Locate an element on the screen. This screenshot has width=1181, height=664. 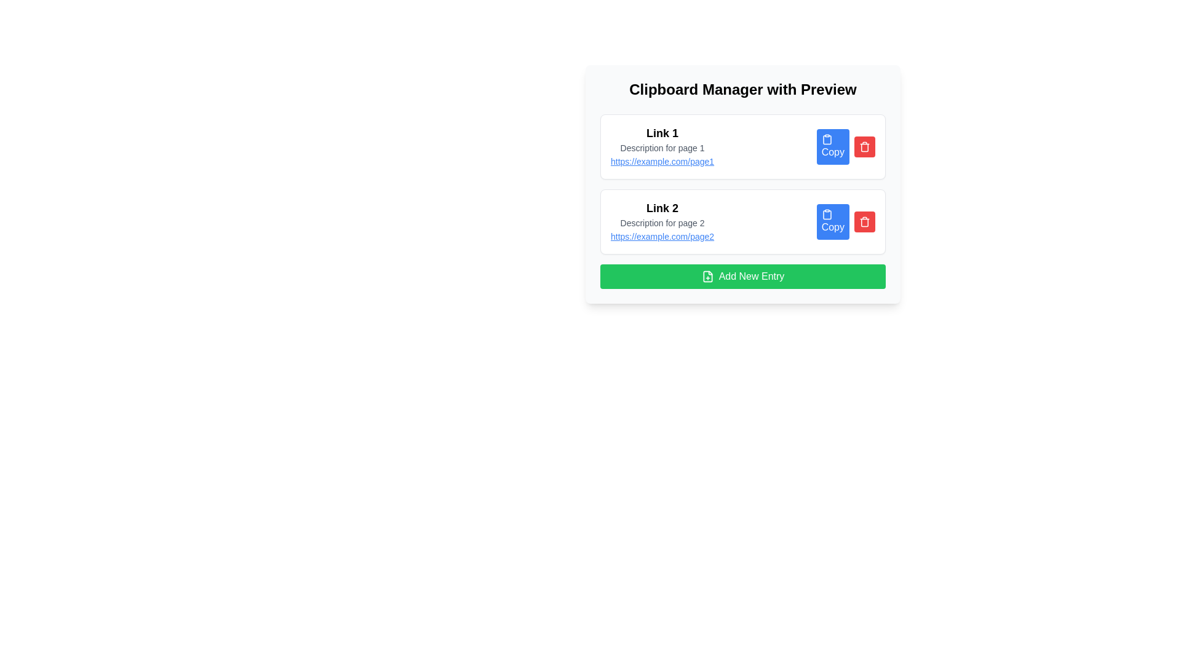
the static text or label that serves as the identifier or title for the content related to 'page 2', positioned above its description and link is located at coordinates (662, 208).